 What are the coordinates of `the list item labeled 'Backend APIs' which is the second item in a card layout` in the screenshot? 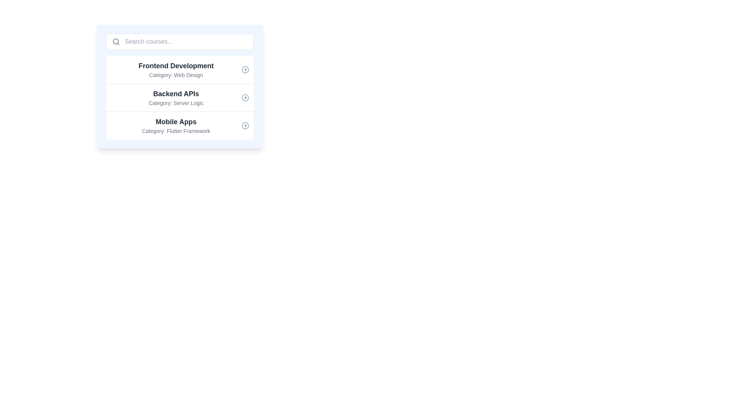 It's located at (179, 86).